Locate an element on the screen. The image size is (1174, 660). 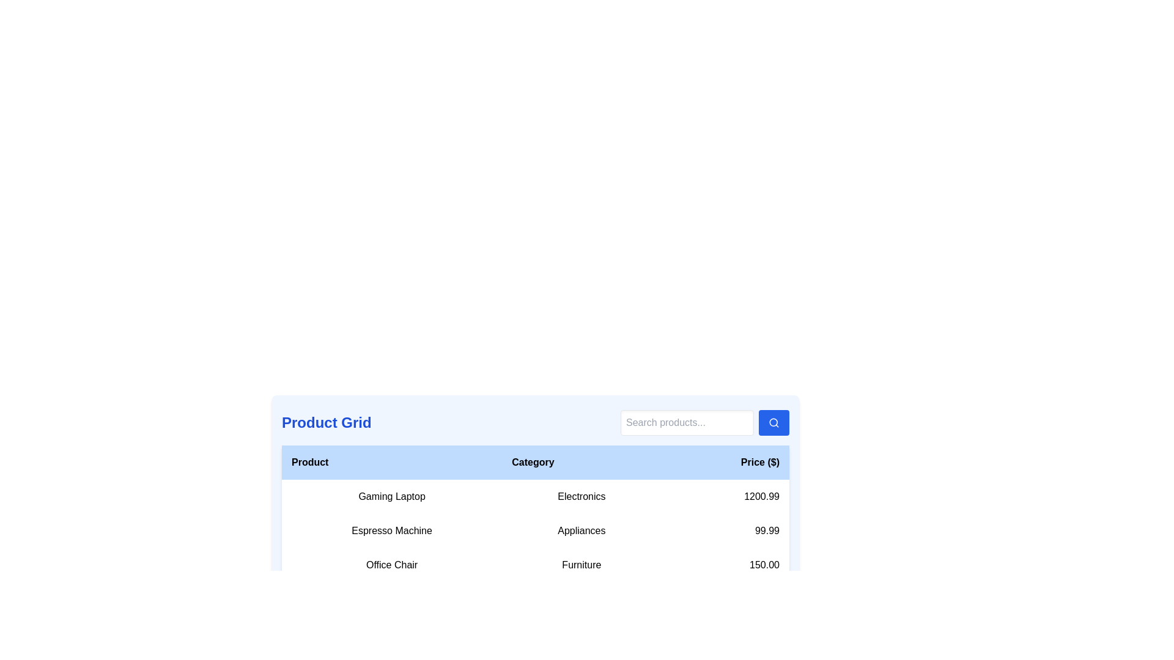
the text input field with the placeholder 'Search products...' located at the top right corner of the section is located at coordinates (687, 422).